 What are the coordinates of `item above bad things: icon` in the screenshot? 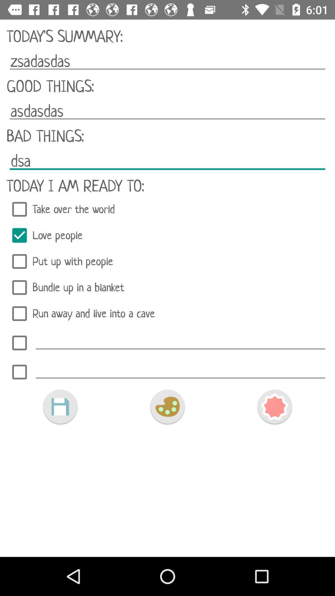 It's located at (167, 111).